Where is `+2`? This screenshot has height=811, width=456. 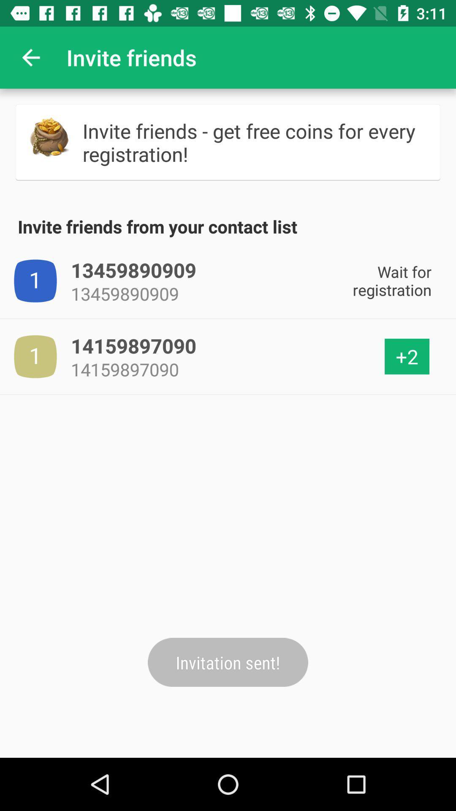
+2 is located at coordinates (407, 357).